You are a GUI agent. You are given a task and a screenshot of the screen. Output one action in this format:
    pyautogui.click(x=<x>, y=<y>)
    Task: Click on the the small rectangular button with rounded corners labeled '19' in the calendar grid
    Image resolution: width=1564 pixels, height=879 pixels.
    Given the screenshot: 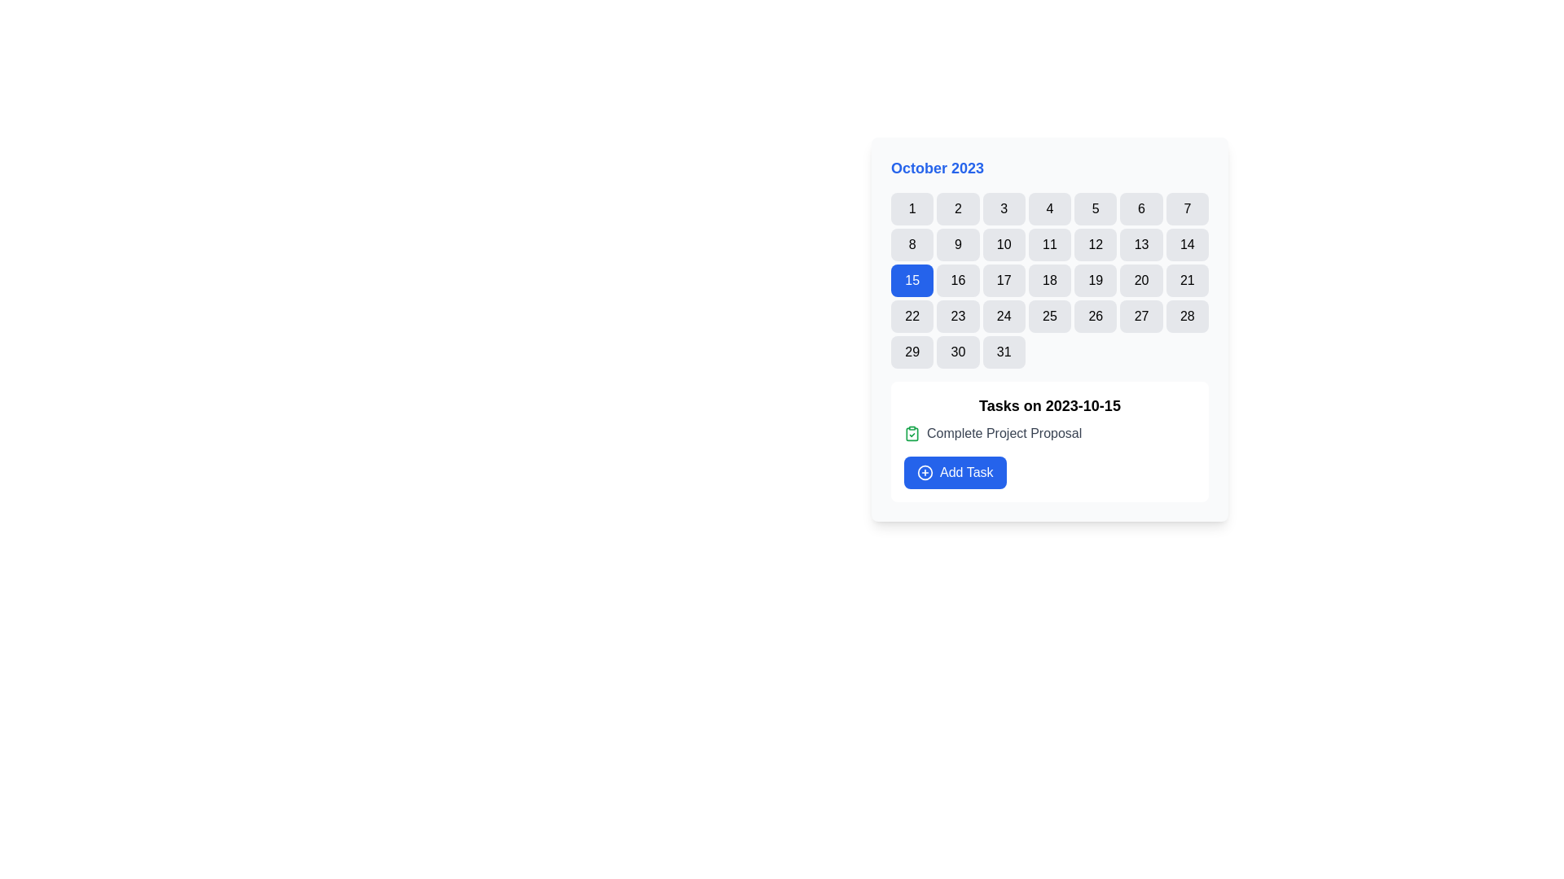 What is the action you would take?
    pyautogui.click(x=1096, y=279)
    